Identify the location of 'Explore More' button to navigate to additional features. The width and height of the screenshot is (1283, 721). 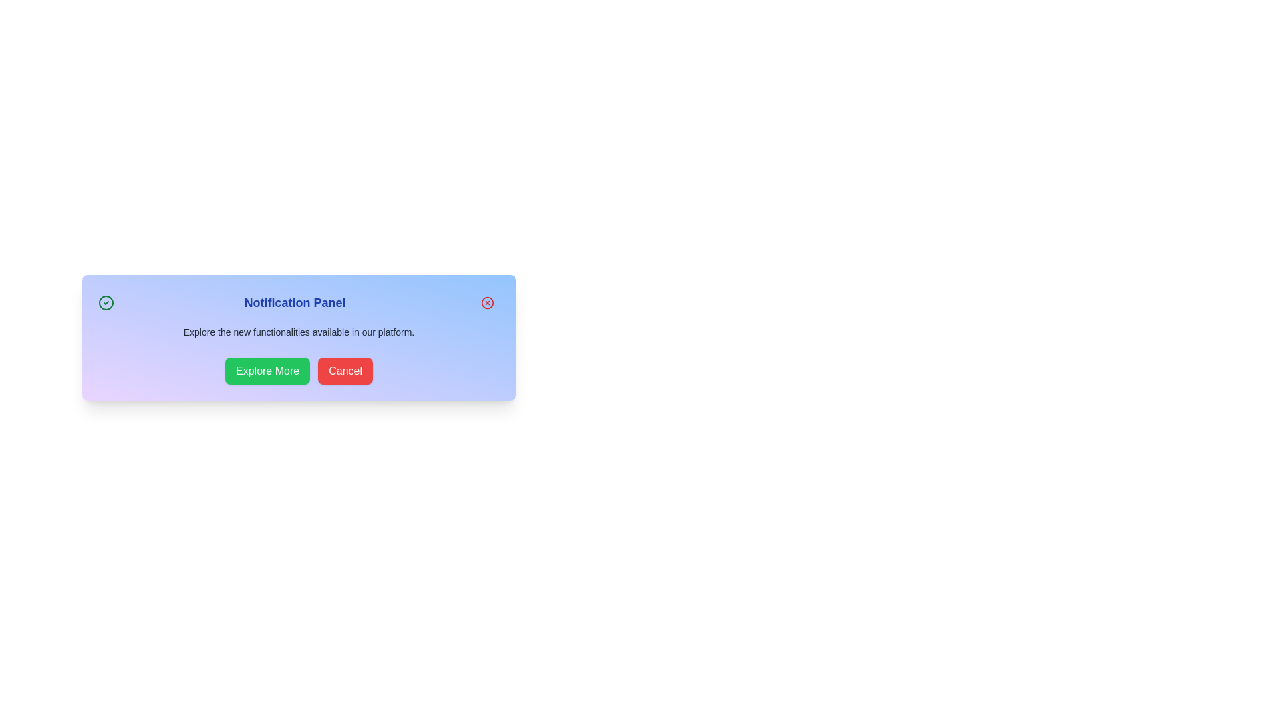
(267, 371).